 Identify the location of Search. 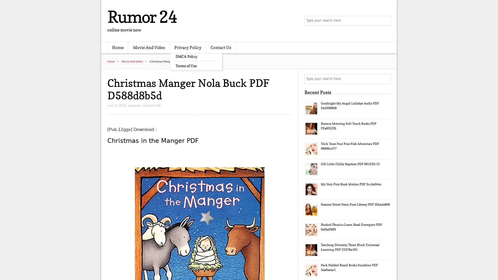
(385, 21).